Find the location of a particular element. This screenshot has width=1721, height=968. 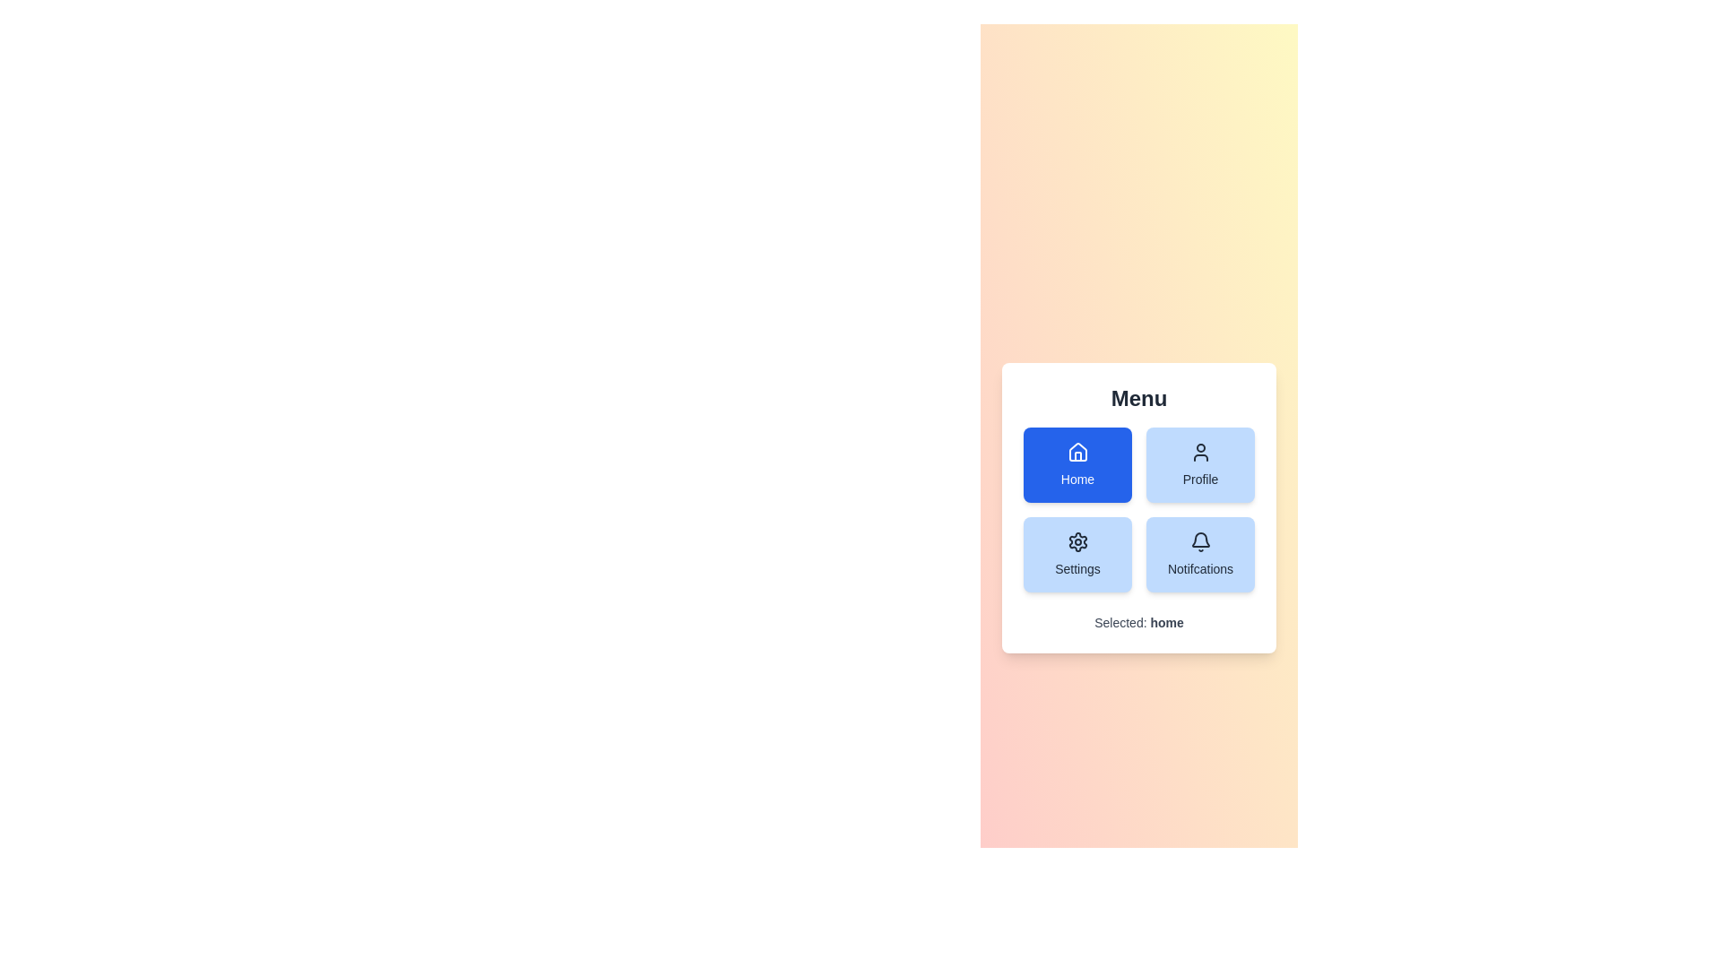

the Home button to select it is located at coordinates (1077, 464).